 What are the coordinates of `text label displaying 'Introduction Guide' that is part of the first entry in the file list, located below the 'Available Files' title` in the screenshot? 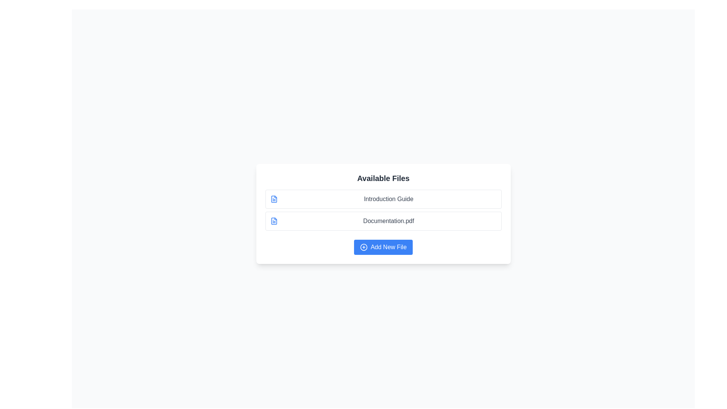 It's located at (388, 198).